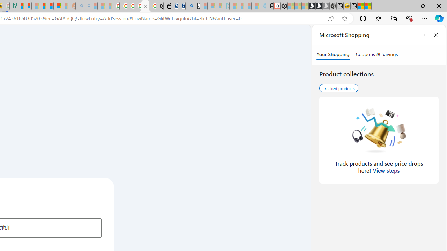 The width and height of the screenshot is (447, 251). What do you see at coordinates (182, 6) in the screenshot?
I see `'Cheap Car Rentals - Save70.com'` at bounding box center [182, 6].